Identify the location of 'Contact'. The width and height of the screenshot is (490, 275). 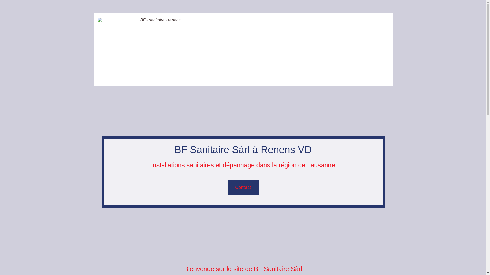
(243, 187).